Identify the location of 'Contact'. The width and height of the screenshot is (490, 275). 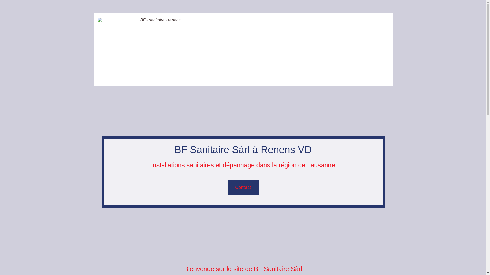
(243, 187).